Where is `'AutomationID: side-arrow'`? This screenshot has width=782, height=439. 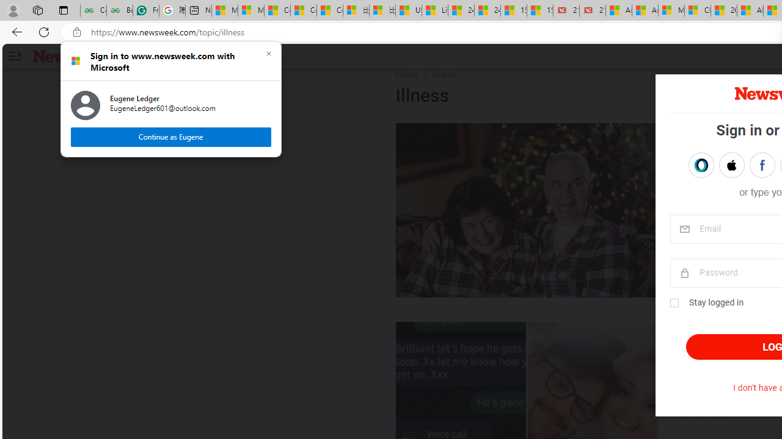
'AutomationID: side-arrow' is located at coordinates (14, 56).